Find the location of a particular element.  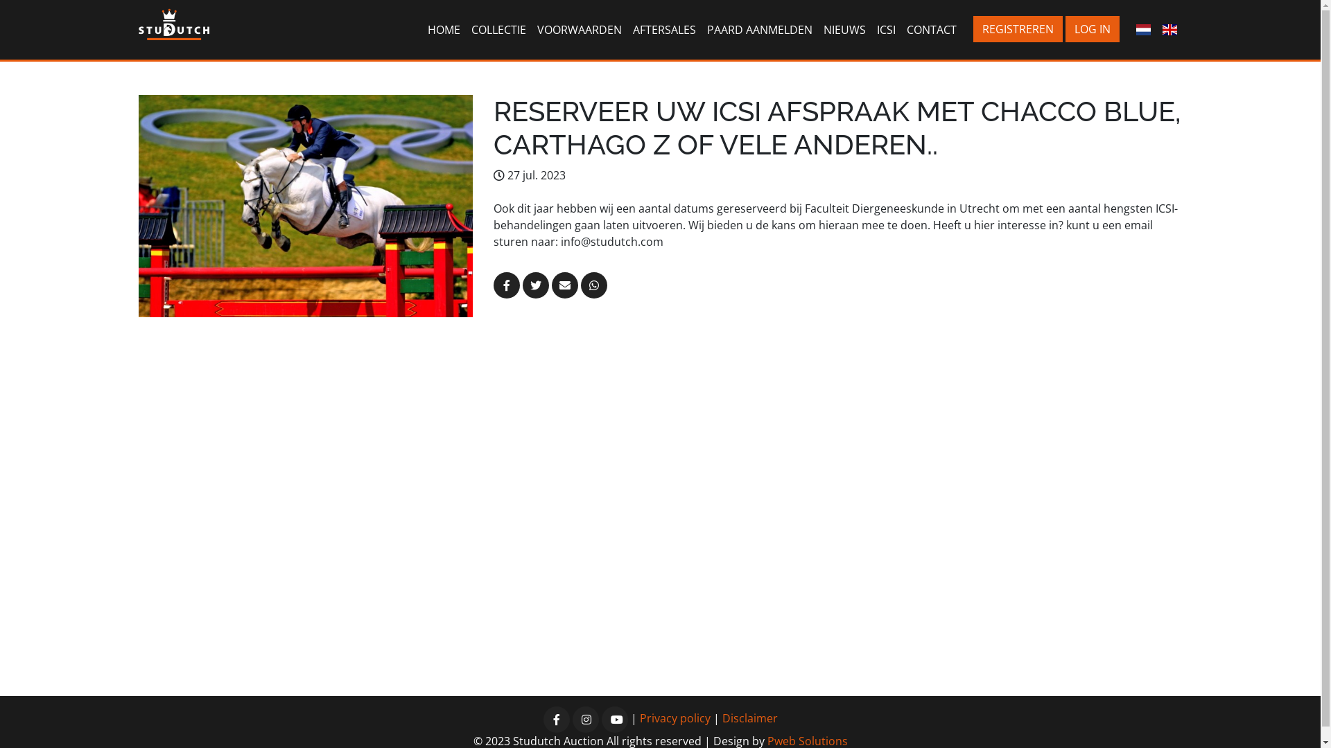

'COLLECTIE' is located at coordinates (498, 29).